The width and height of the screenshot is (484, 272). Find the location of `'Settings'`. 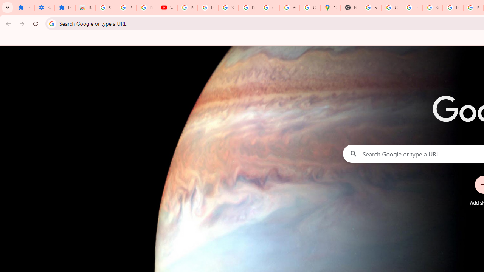

'Settings' is located at coordinates (44, 8).